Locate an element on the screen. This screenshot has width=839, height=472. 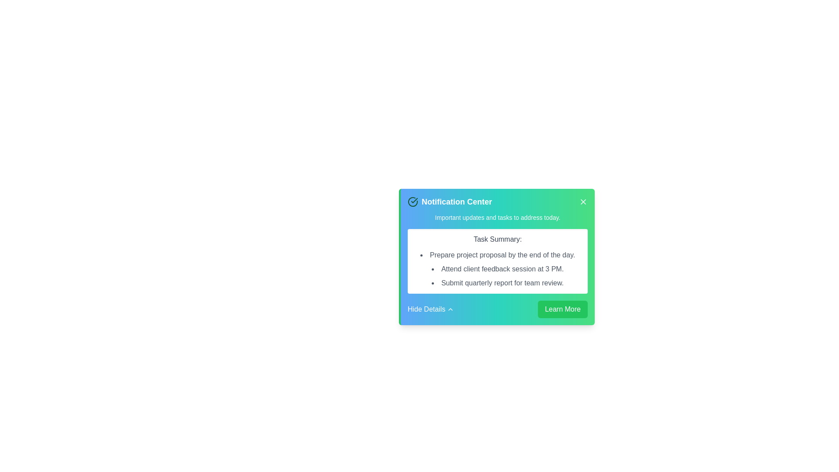
the third bullet point in the task list within the notification box, which states 'Attend client feedback session at 3 PM.' is located at coordinates (497, 283).